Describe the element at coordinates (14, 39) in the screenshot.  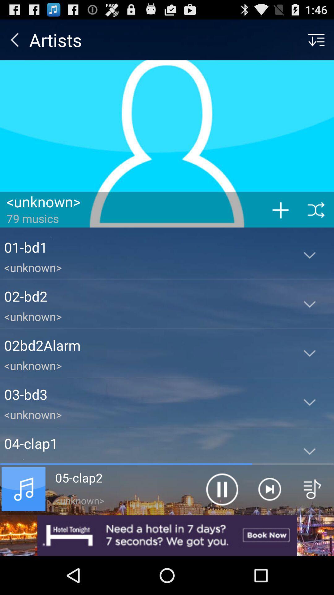
I see `the item to the left of artists item` at that location.